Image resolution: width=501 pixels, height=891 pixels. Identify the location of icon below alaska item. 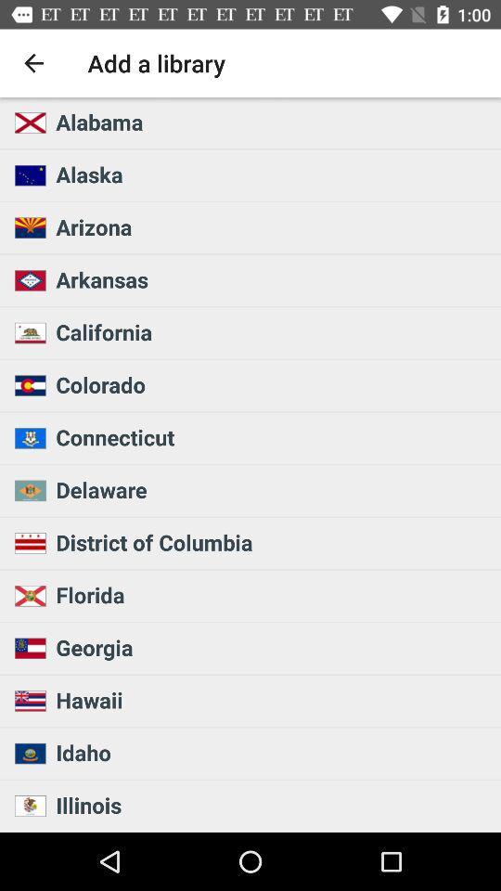
(272, 226).